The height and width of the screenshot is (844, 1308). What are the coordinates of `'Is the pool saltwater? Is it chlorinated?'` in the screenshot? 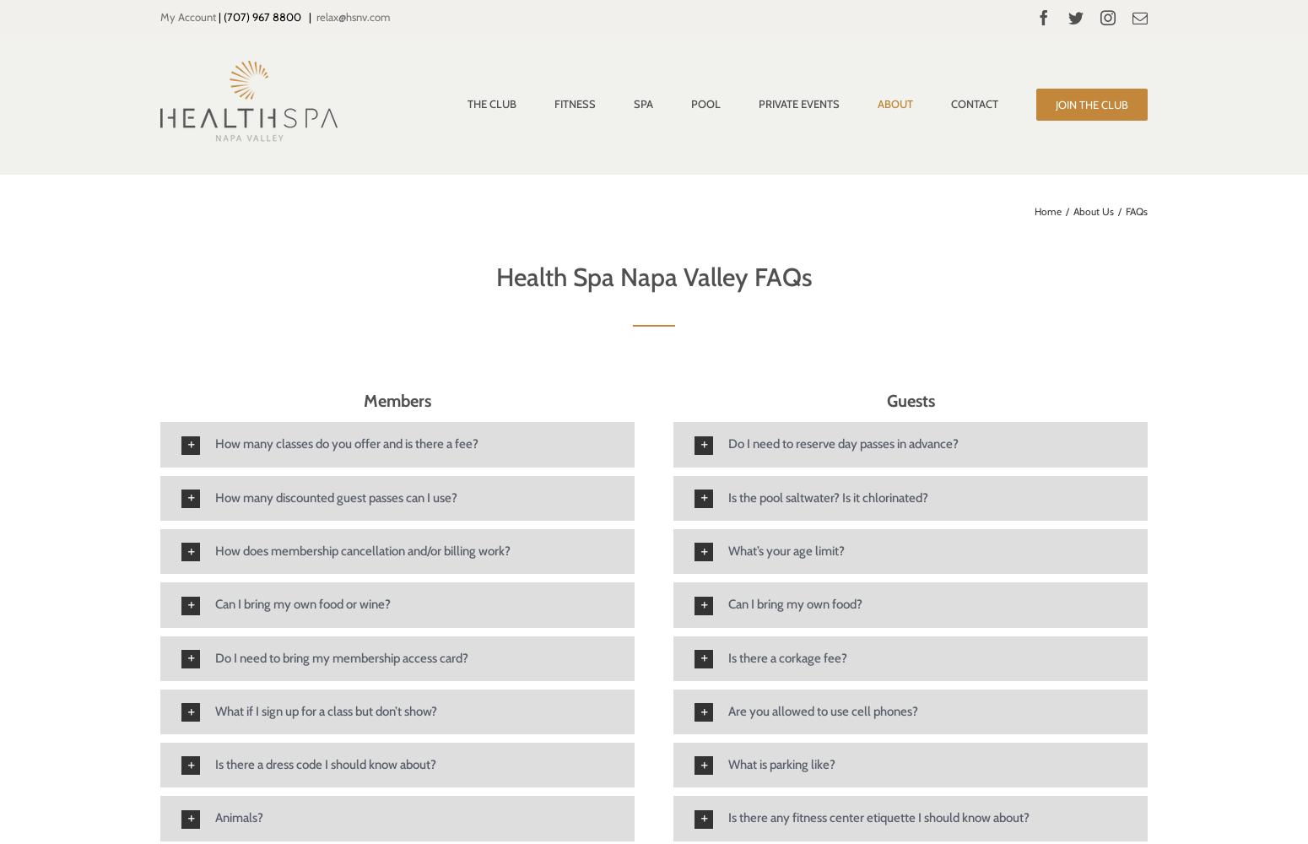 It's located at (827, 496).